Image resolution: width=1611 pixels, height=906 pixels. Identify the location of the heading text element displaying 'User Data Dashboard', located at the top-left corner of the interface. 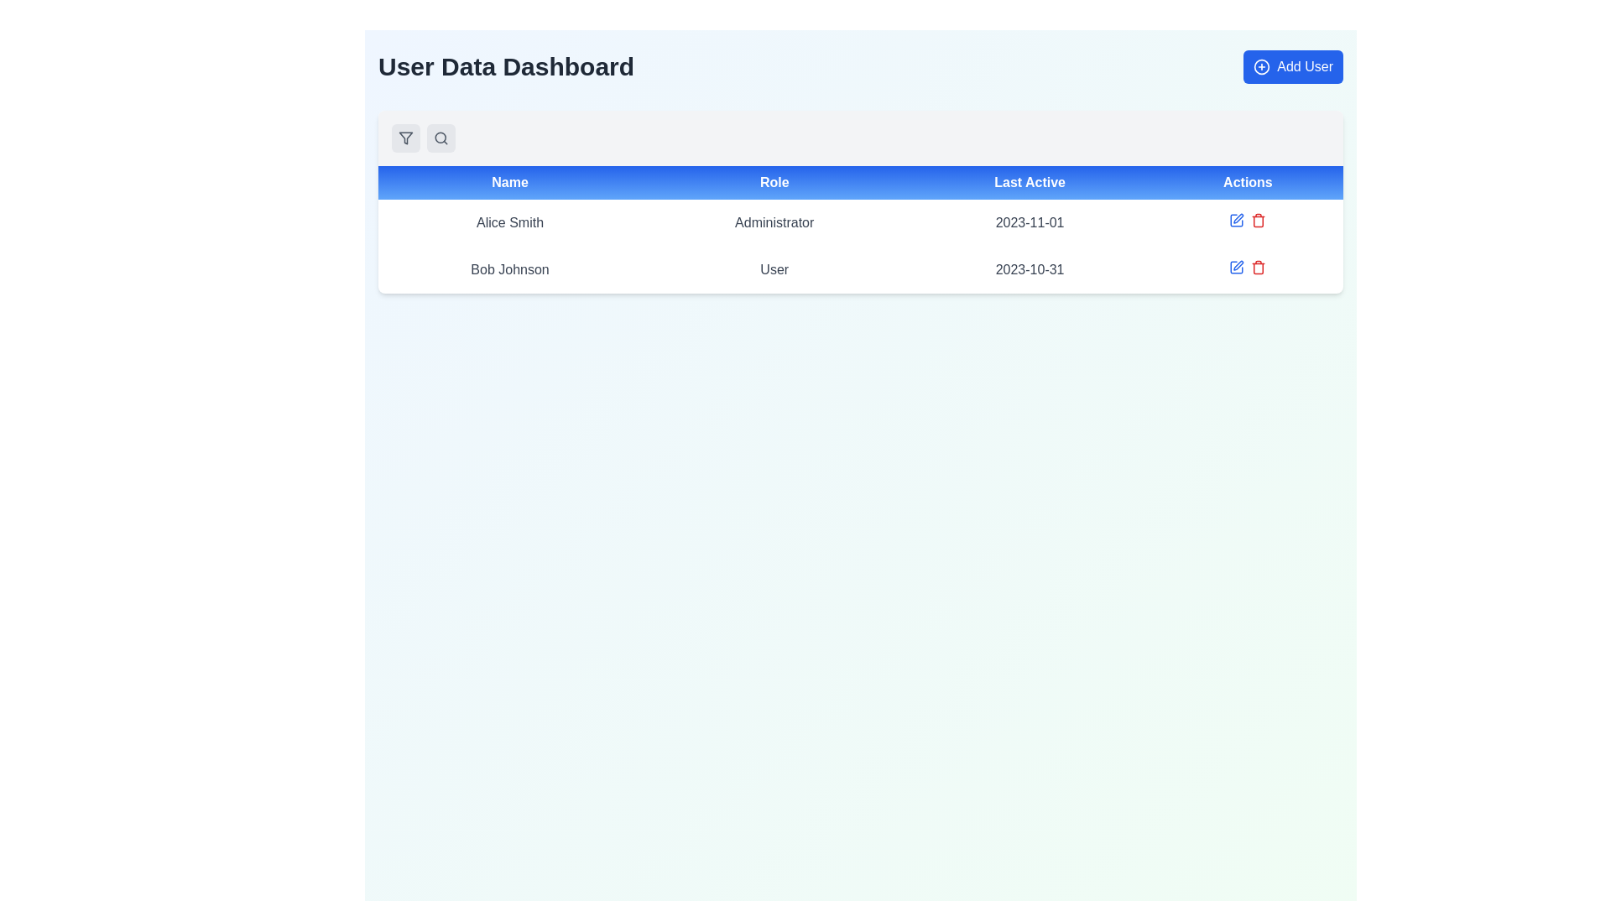
(505, 66).